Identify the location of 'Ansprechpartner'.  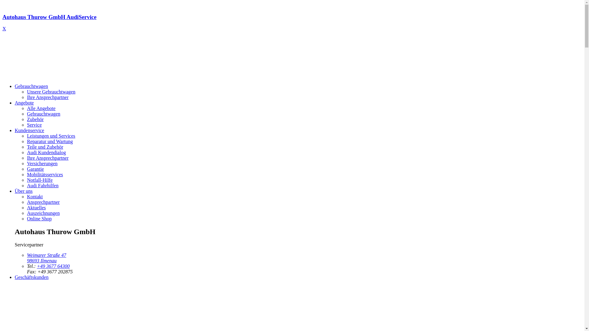
(43, 202).